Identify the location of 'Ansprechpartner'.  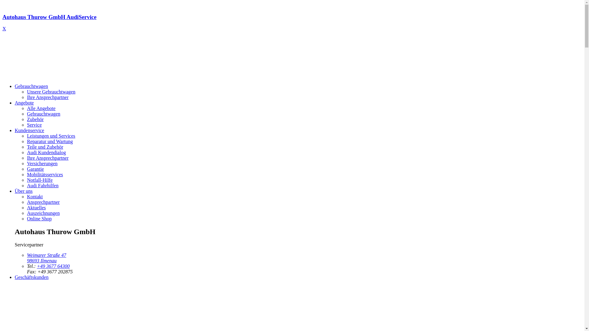
(43, 202).